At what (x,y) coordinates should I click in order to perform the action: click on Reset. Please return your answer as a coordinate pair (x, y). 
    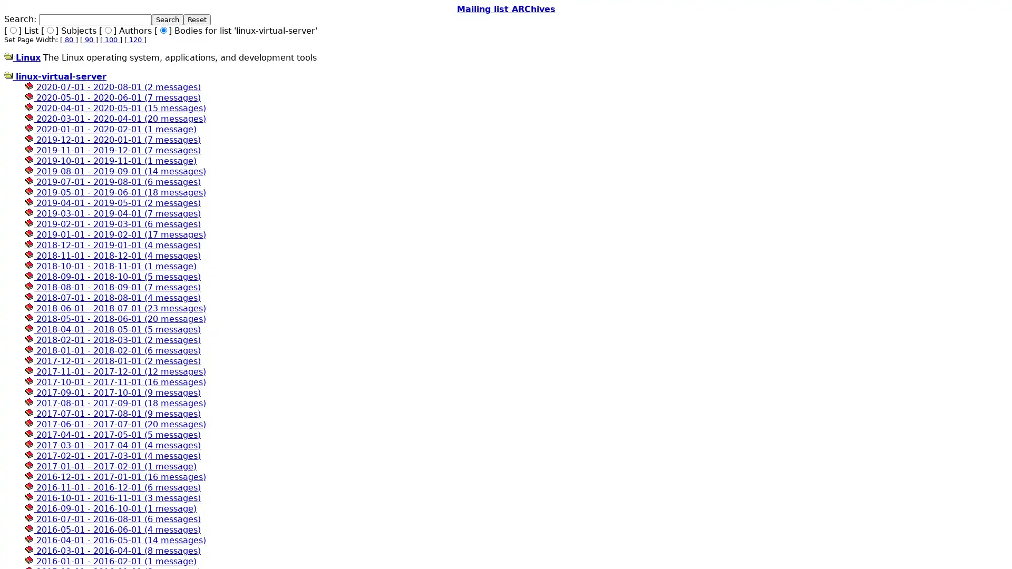
    Looking at the image, I should click on (197, 19).